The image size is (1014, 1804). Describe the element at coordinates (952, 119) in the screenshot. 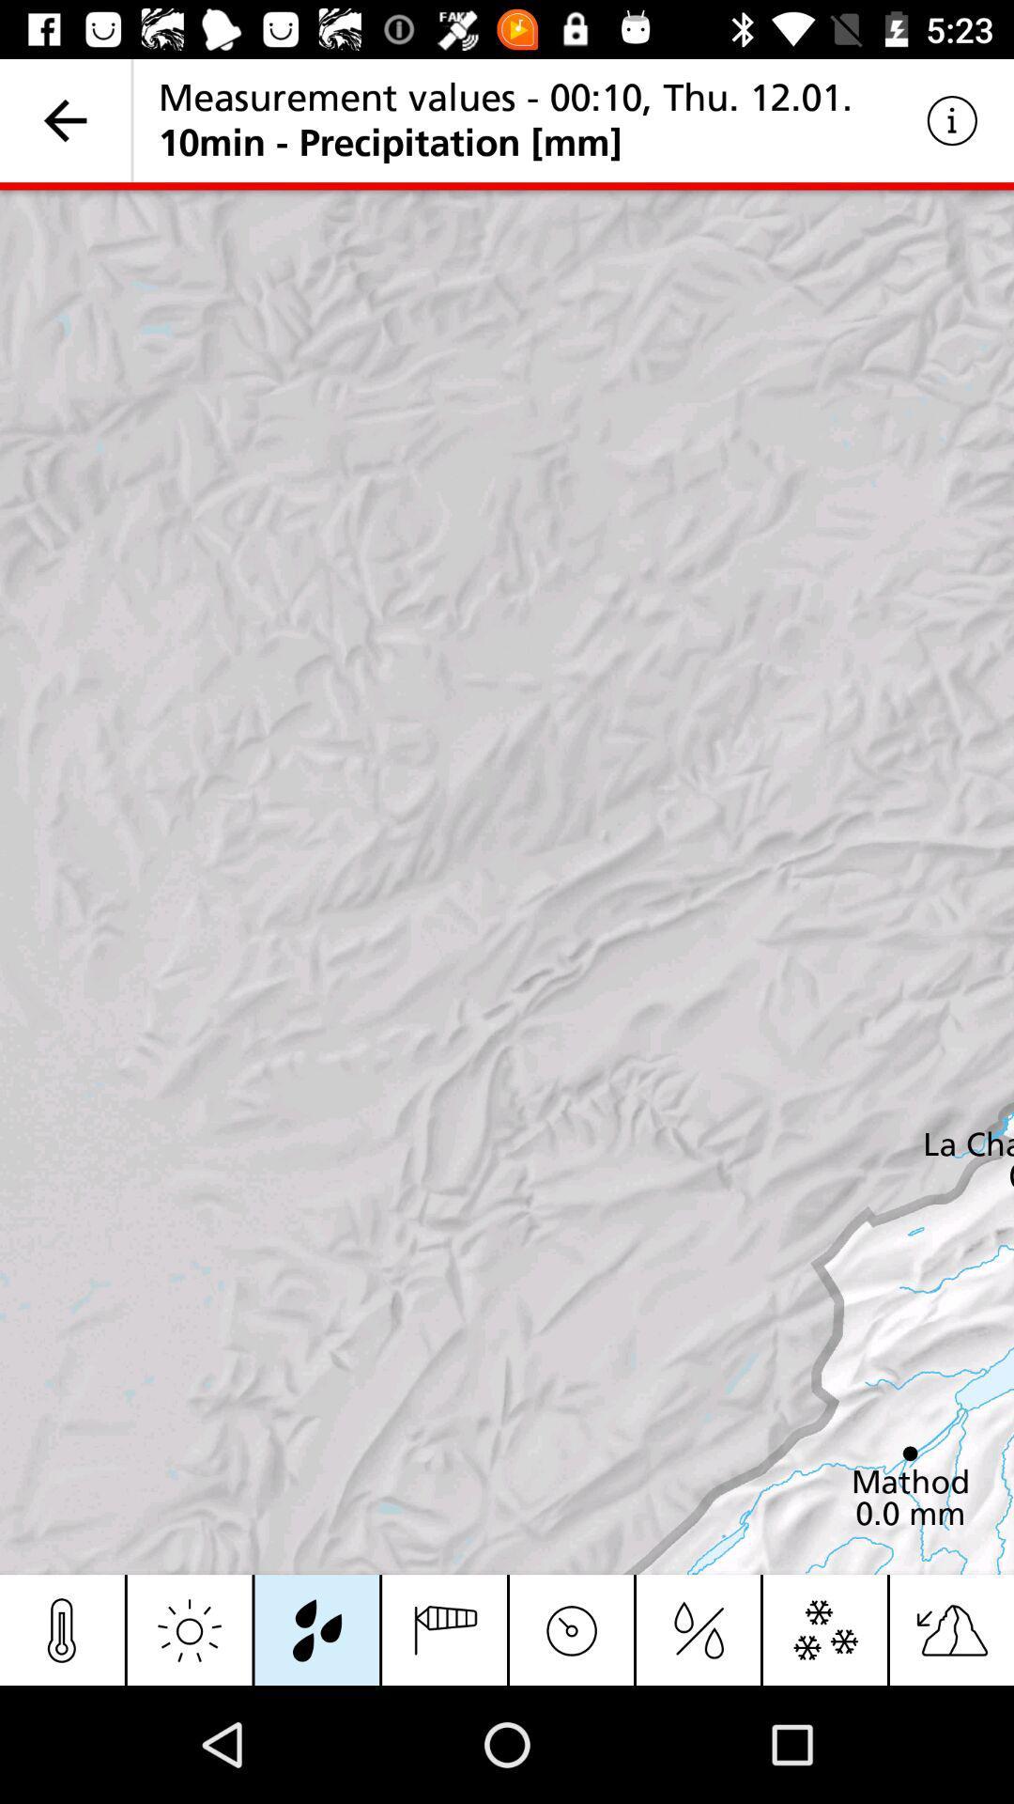

I see `icon at the top right corner` at that location.